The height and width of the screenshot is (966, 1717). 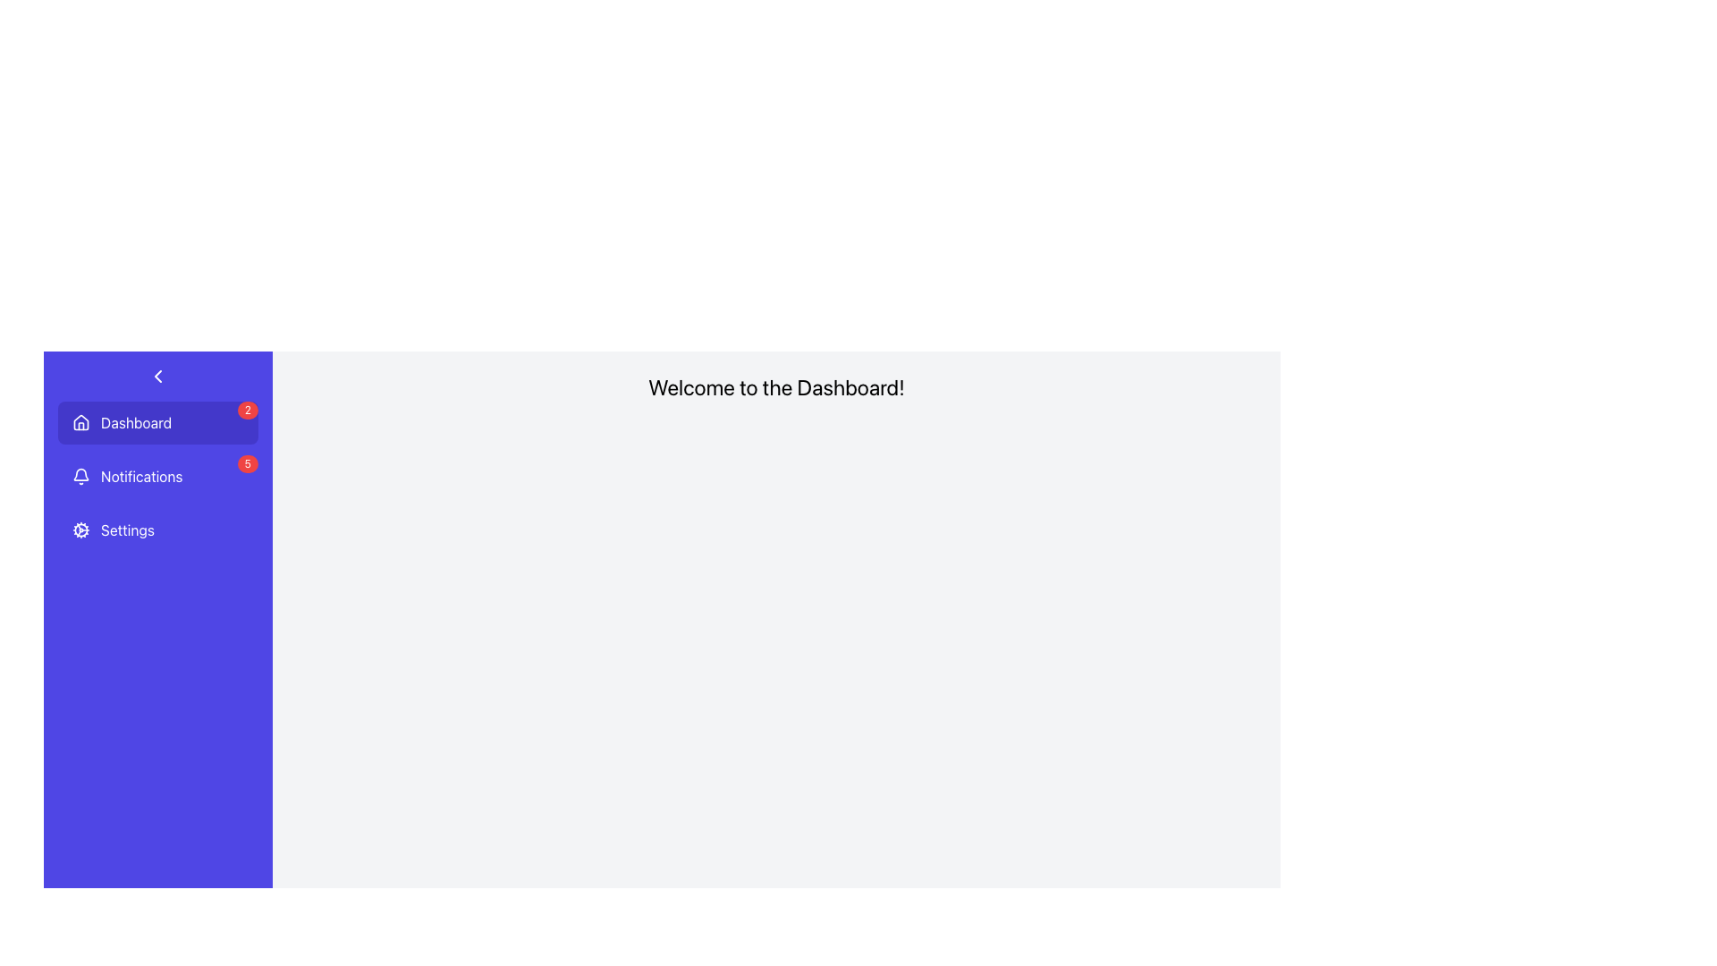 I want to click on the Notifications navigation button located in the second position of the vertical menu list on the left sidebar, so click(x=140, y=475).